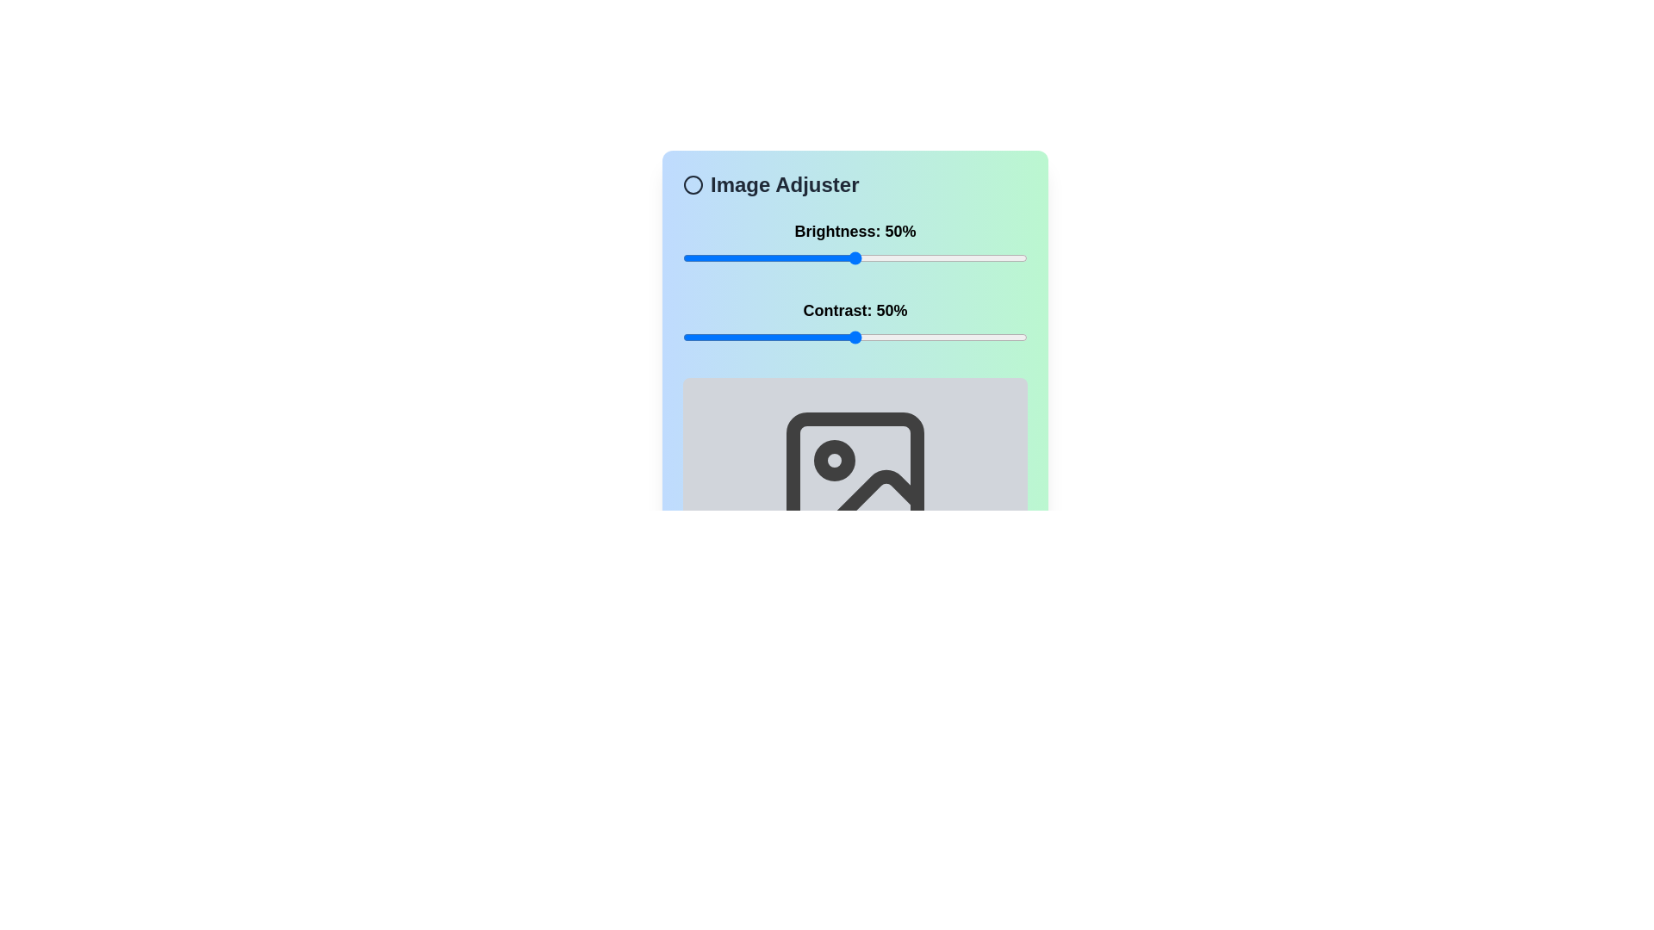  I want to click on the contrast slider to 0%, so click(681, 338).